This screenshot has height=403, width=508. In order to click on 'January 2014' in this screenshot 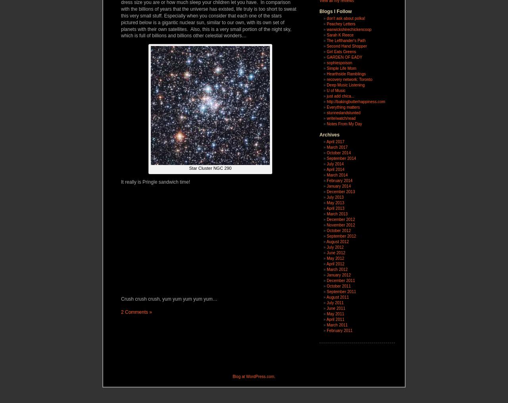, I will do `click(338, 186)`.